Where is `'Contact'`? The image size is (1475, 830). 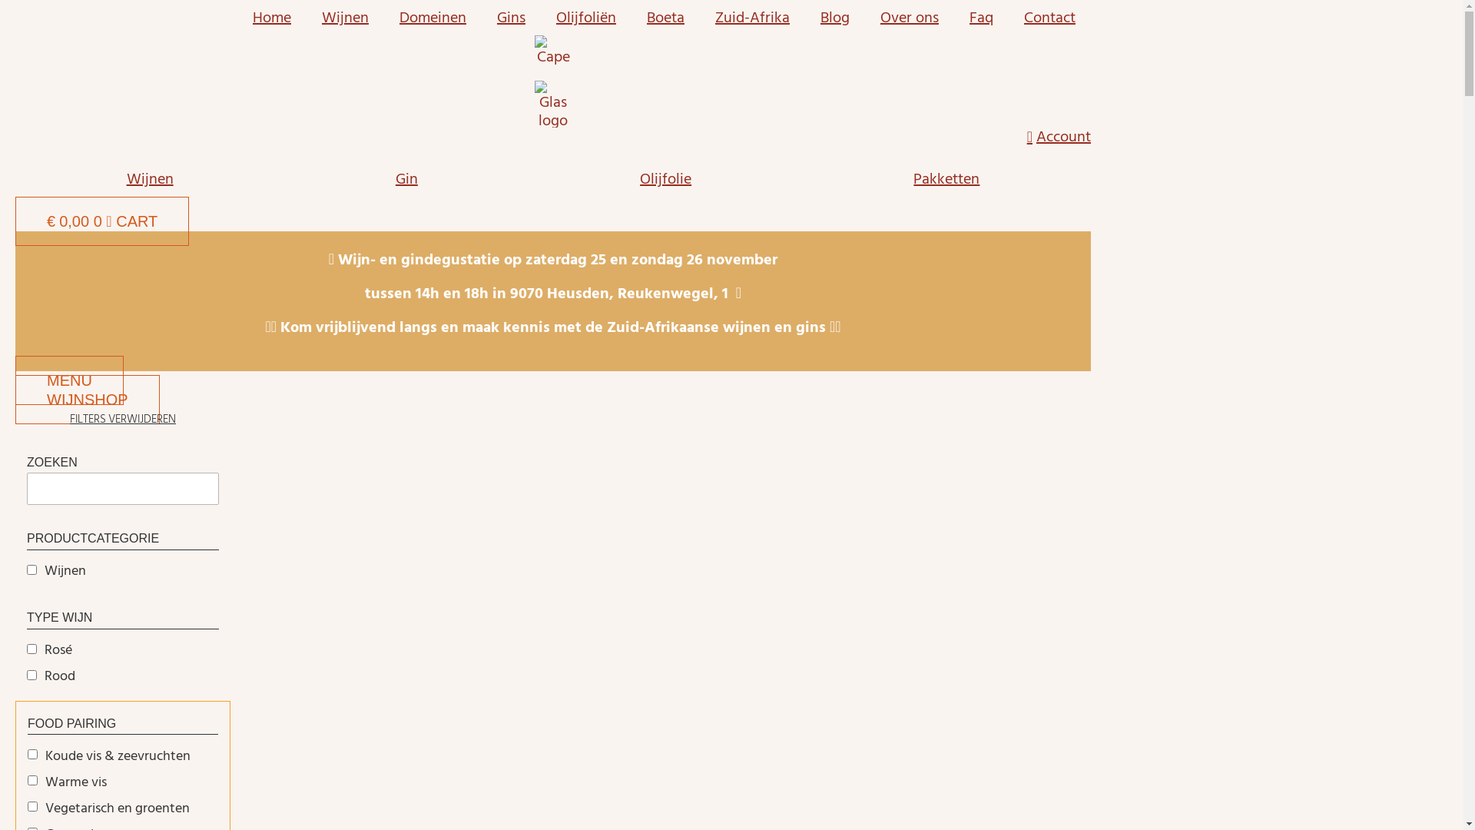
'Contact' is located at coordinates (1049, 18).